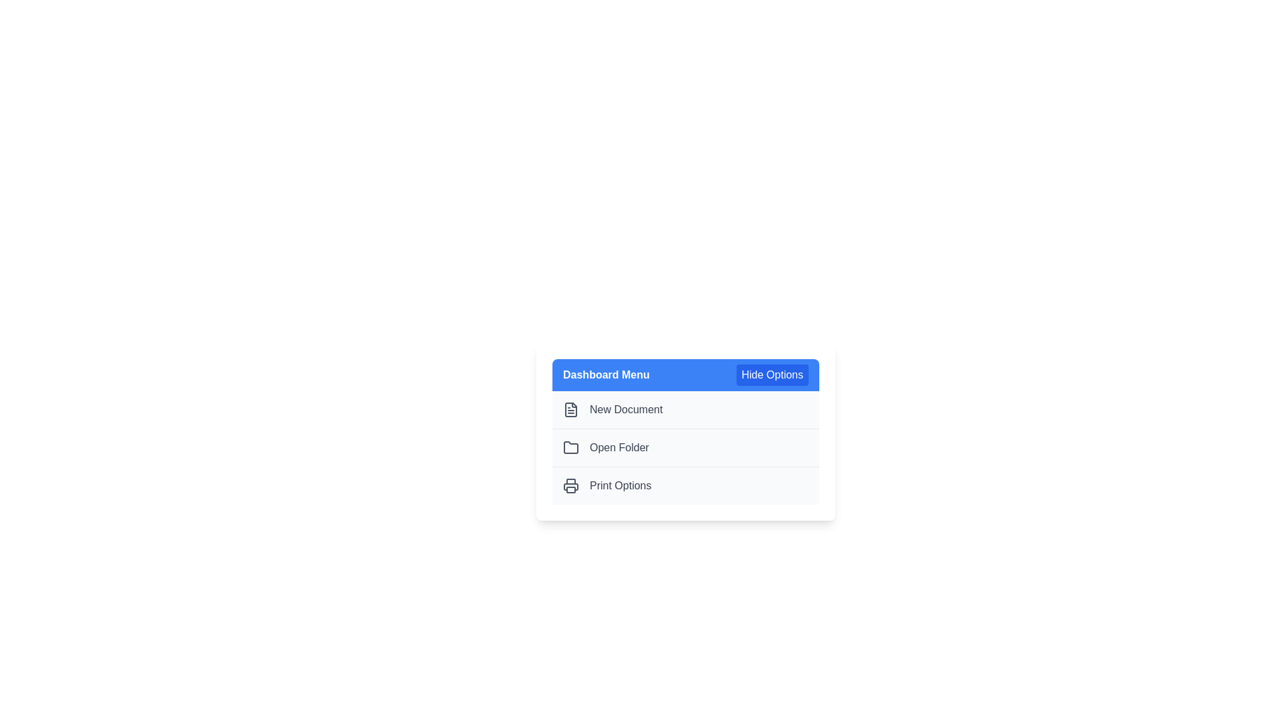 The height and width of the screenshot is (721, 1281). I want to click on the printer icon representing the bottom section where paper might emerge, located in the 'Print Options' menu, so click(570, 487).